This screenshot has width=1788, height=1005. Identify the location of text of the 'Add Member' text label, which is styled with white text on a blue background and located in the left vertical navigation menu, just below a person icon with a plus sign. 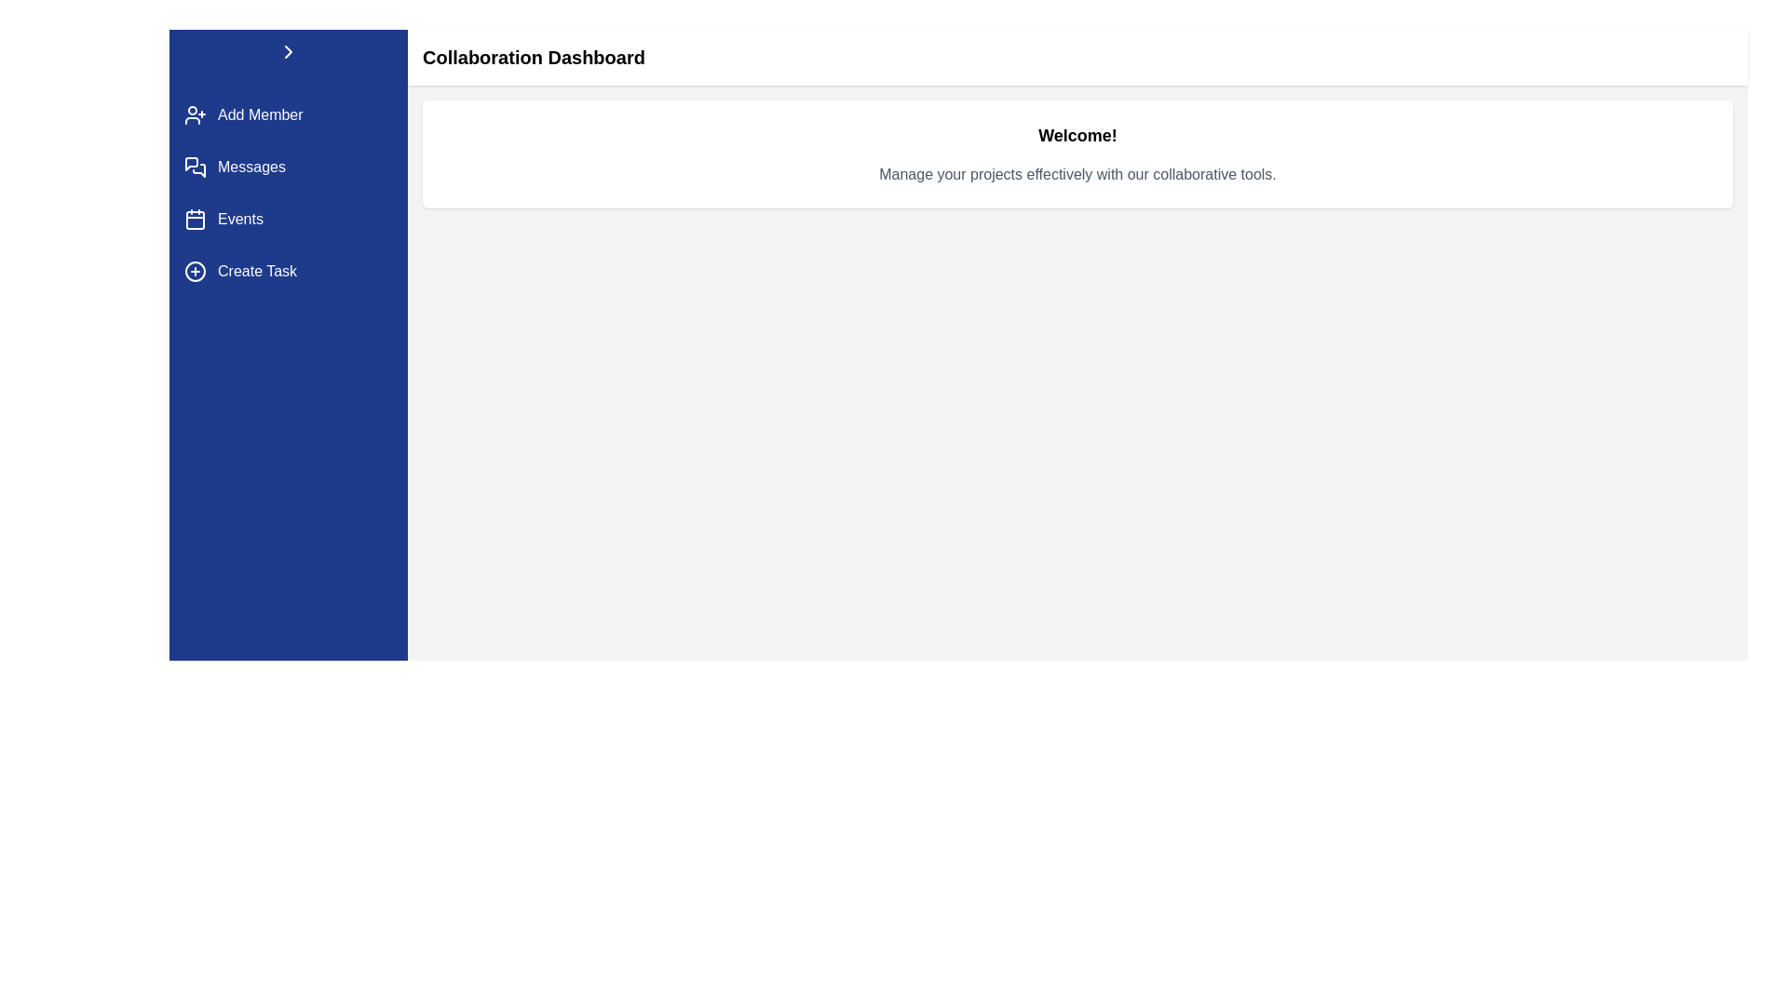
(259, 114).